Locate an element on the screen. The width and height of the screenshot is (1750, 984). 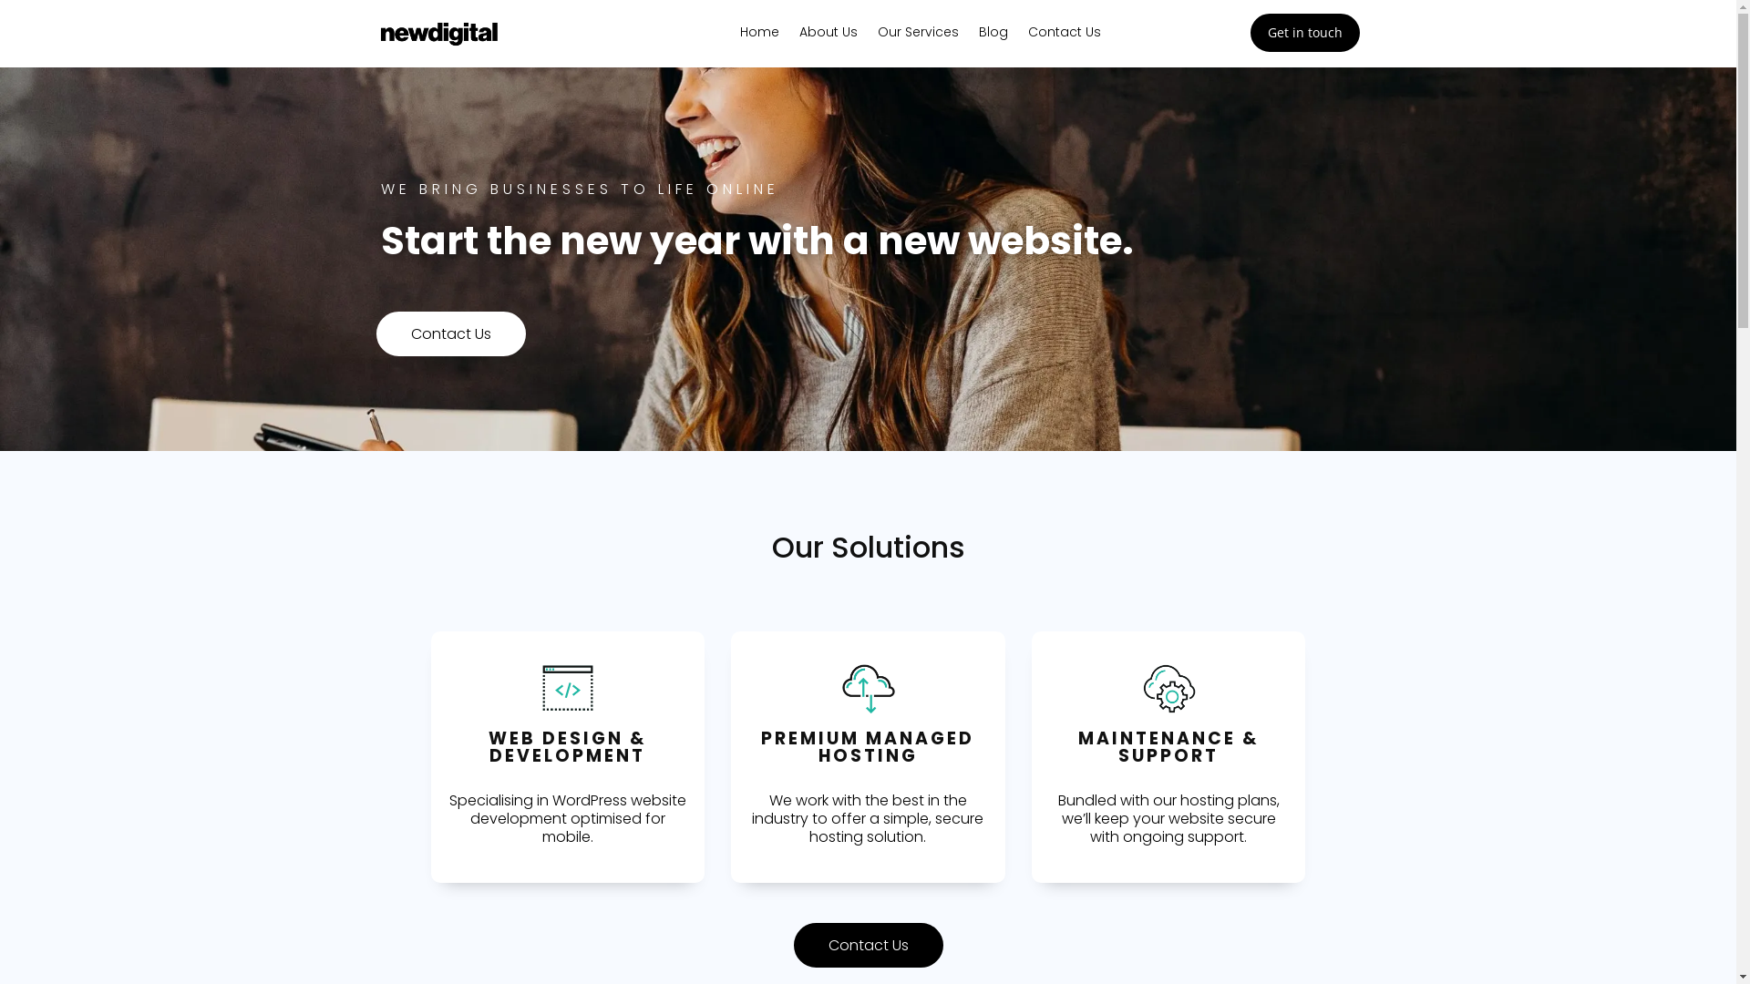
'Get in touch' is located at coordinates (1303, 32).